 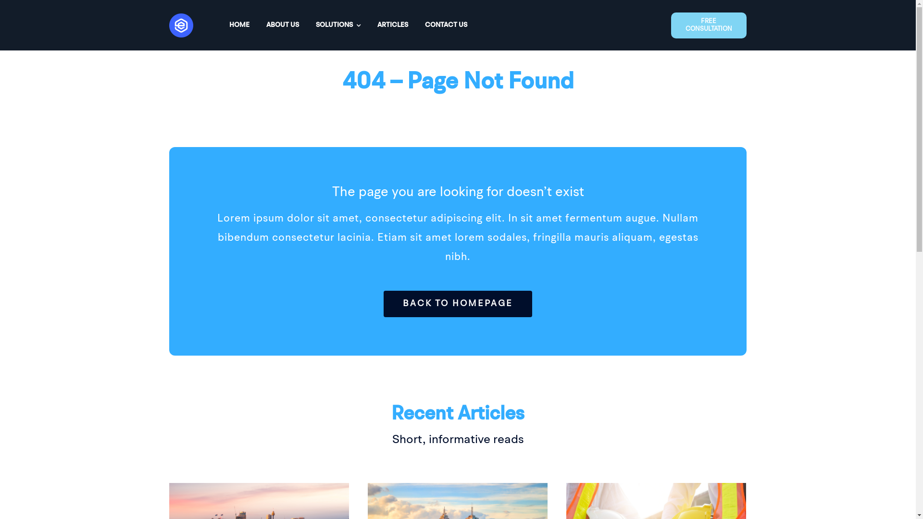 I want to click on 'HOME', so click(x=239, y=25).